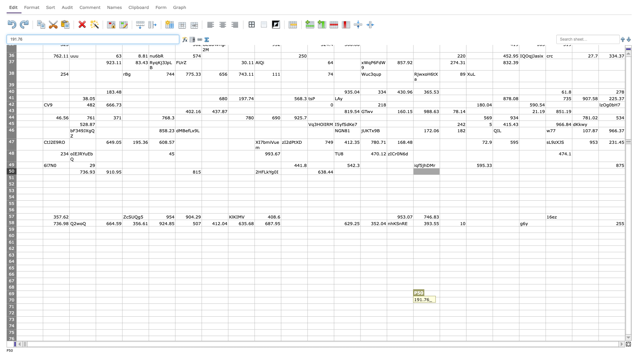  What do you see at coordinates (466, 303) in the screenshot?
I see `Auto-fill handle of Q70` at bounding box center [466, 303].